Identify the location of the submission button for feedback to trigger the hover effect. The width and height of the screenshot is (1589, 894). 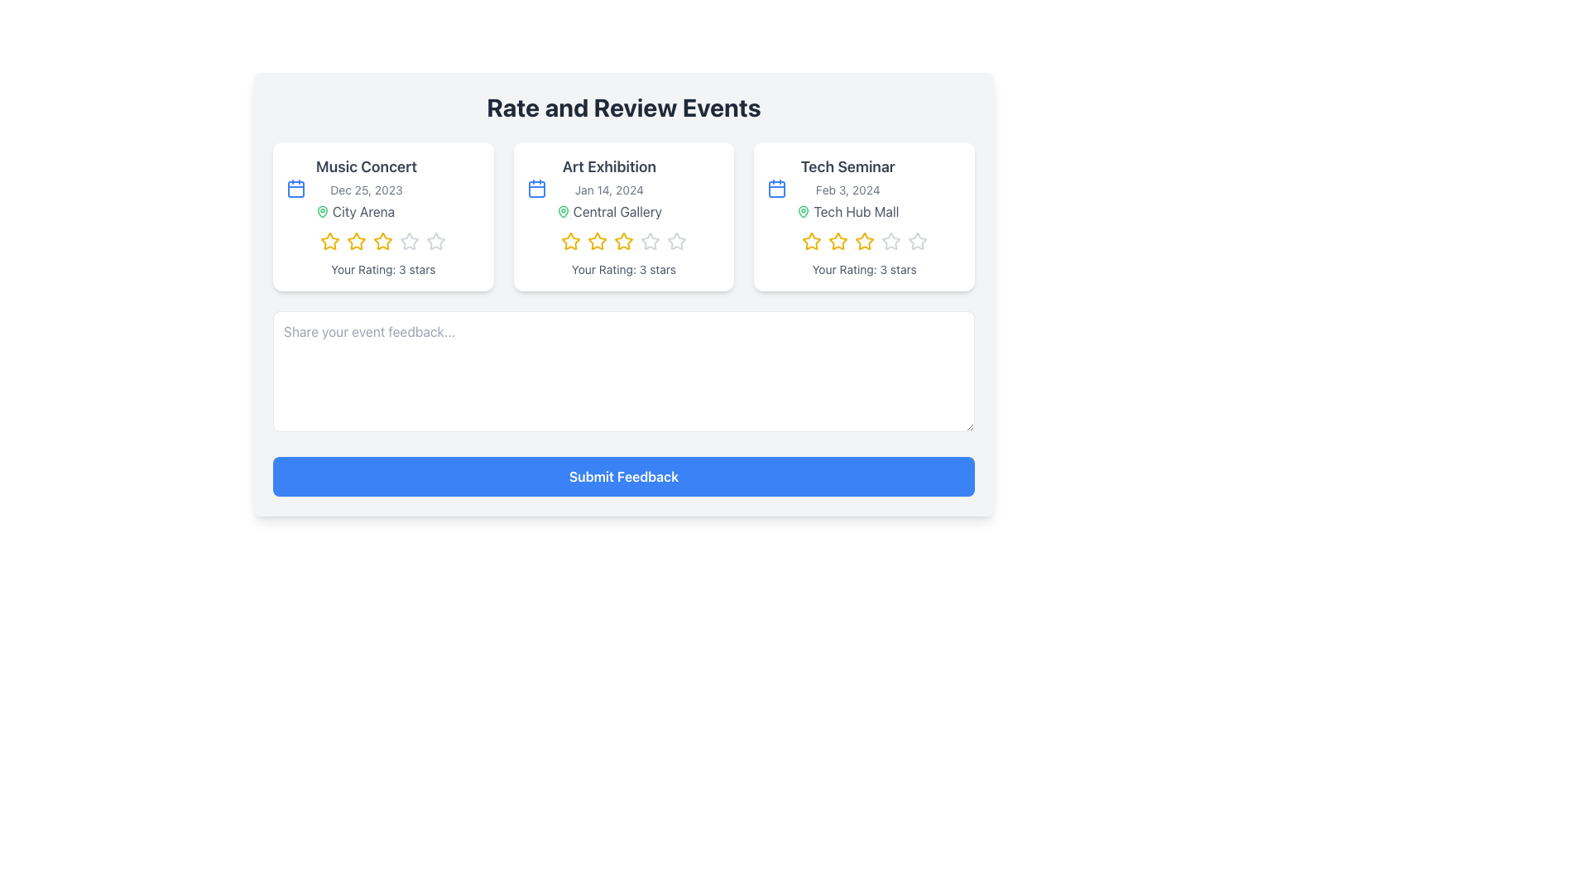
(622, 476).